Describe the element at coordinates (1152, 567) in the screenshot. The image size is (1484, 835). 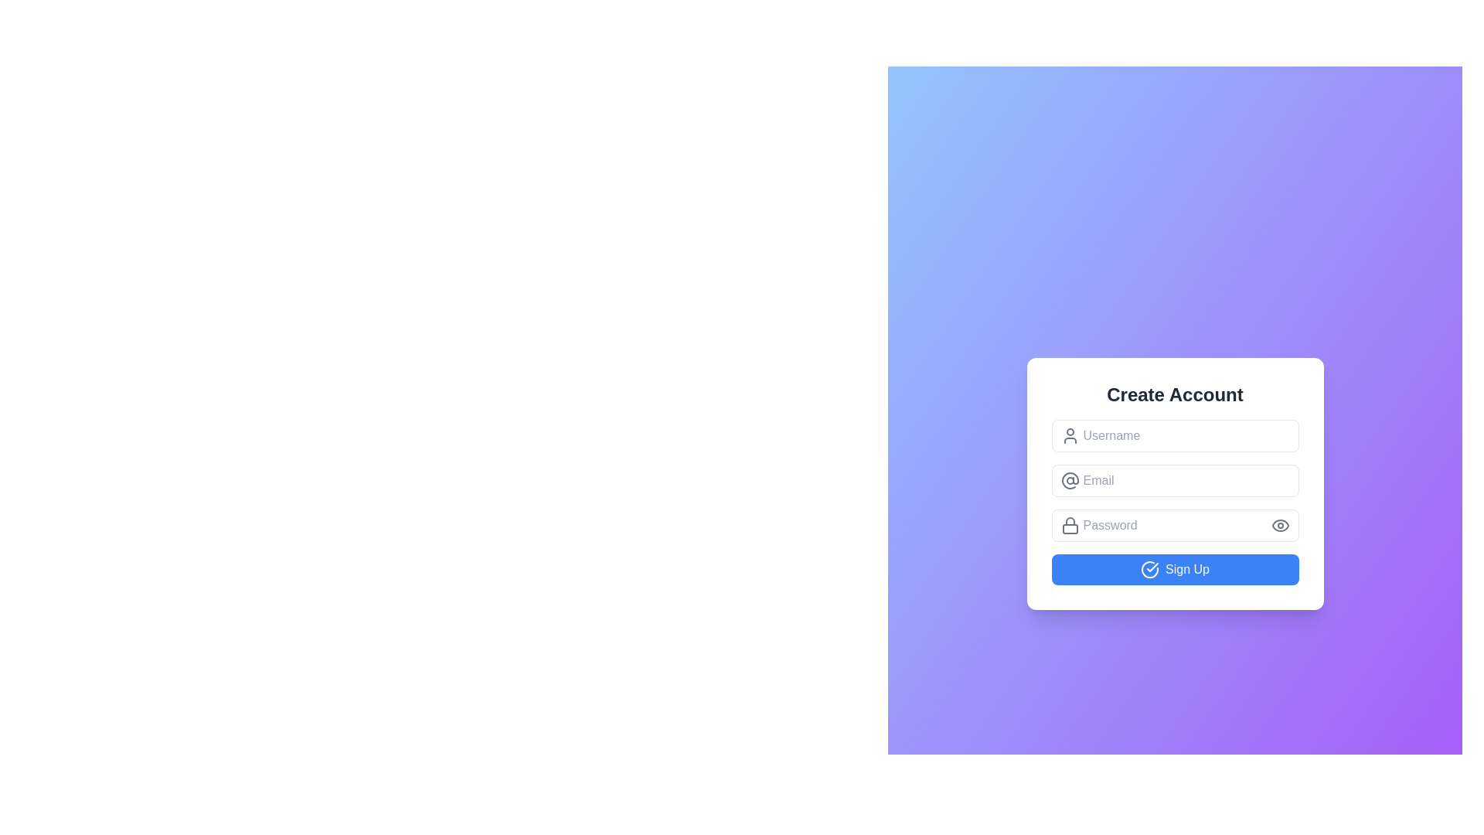
I see `the checkmark icon within the circular 'Sign Up' button, which is positioned towards the left inside the button` at that location.